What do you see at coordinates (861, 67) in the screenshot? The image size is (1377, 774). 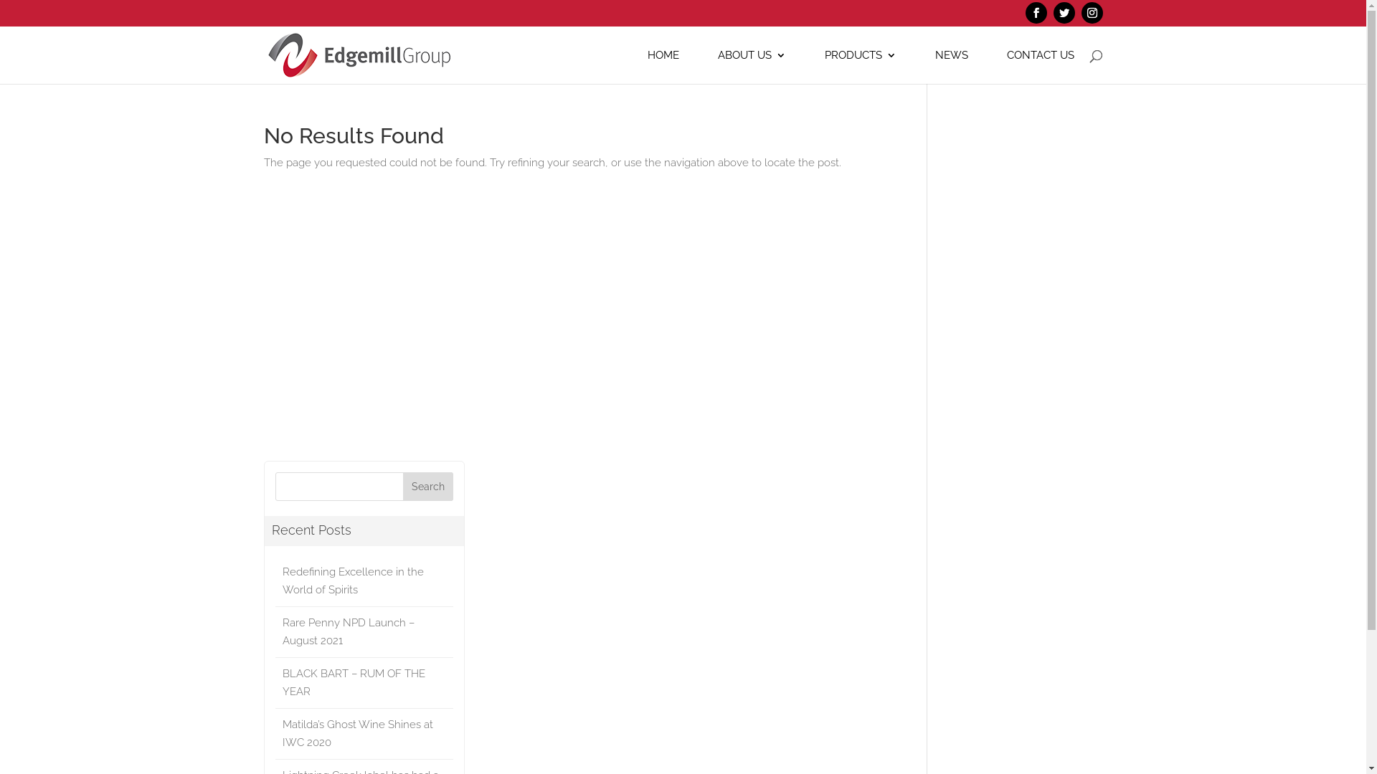 I see `'PRODUCTS'` at bounding box center [861, 67].